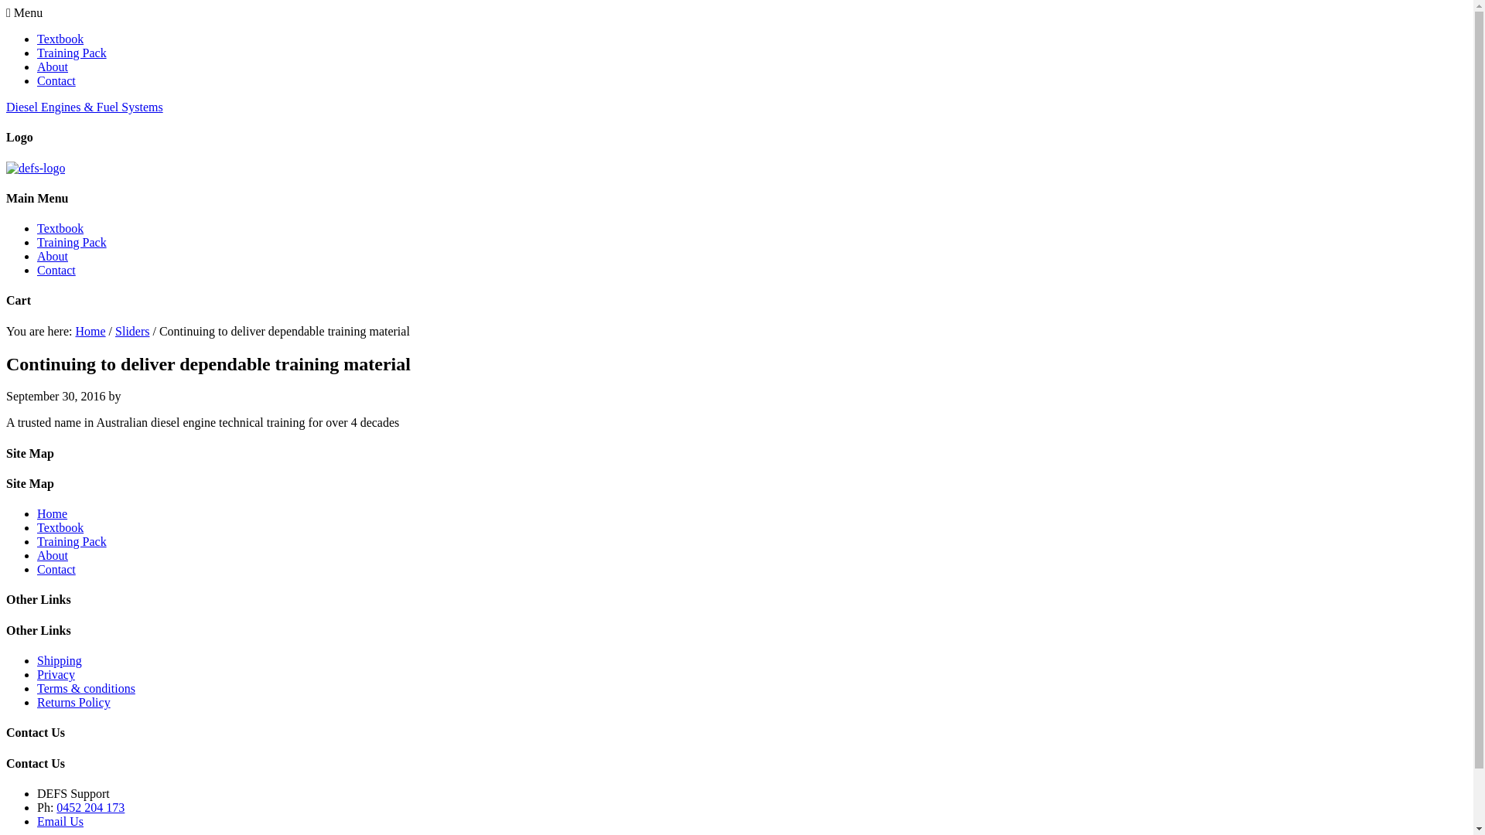 The width and height of the screenshot is (1485, 835). Describe the element at coordinates (37, 228) in the screenshot. I see `'Textbook'` at that location.